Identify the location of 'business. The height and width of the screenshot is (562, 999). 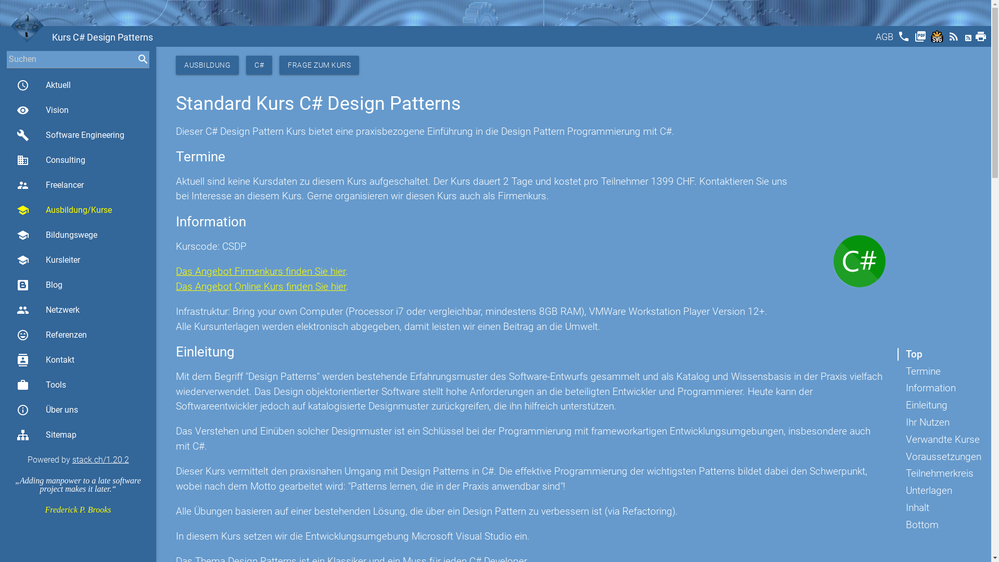
(0, 160).